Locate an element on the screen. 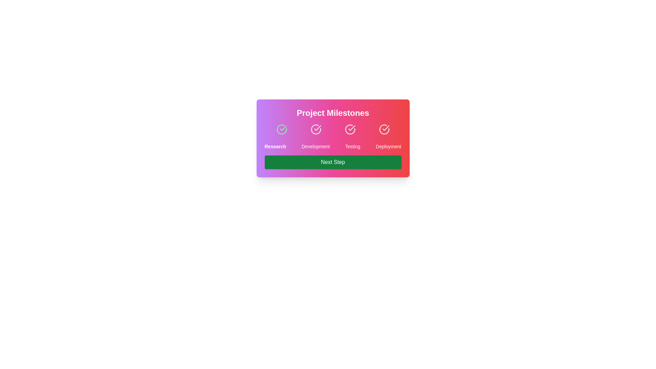  the 'Next Step' button located at the bottom section of the card layout to advance to the next stage of the process is located at coordinates (333, 162).